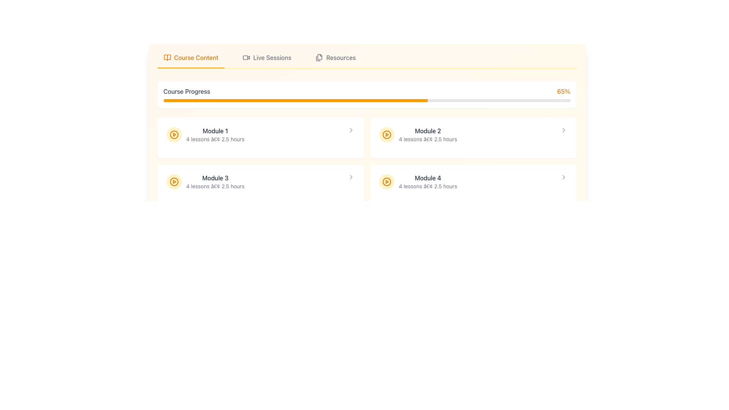 This screenshot has height=410, width=729. Describe the element at coordinates (260, 137) in the screenshot. I see `the course module card component located at the top-left corner of the grid to trigger the highlight effect` at that location.